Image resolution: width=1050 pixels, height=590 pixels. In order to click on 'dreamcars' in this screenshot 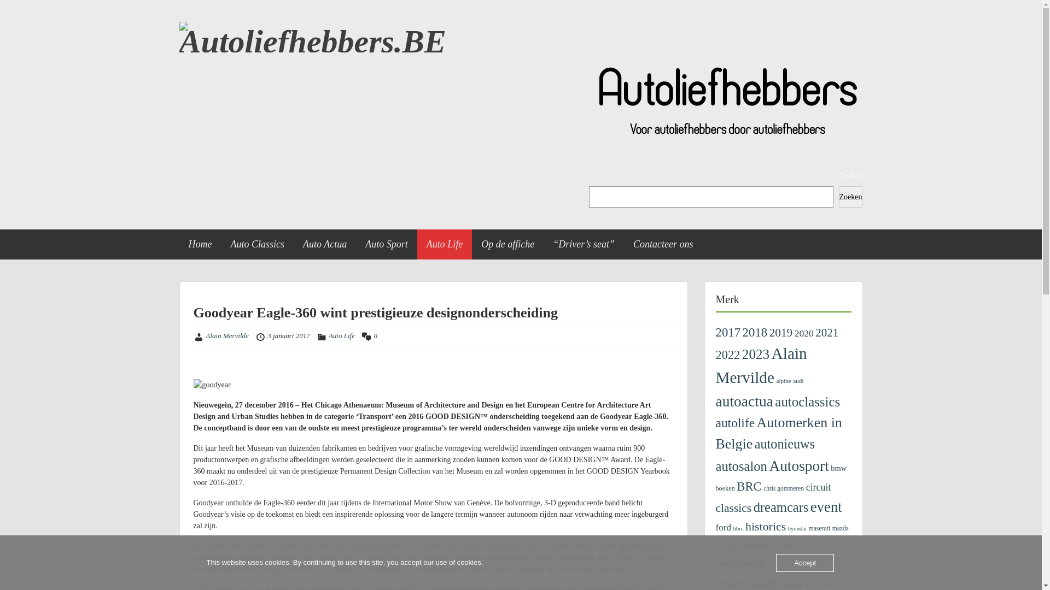, I will do `click(780, 507)`.